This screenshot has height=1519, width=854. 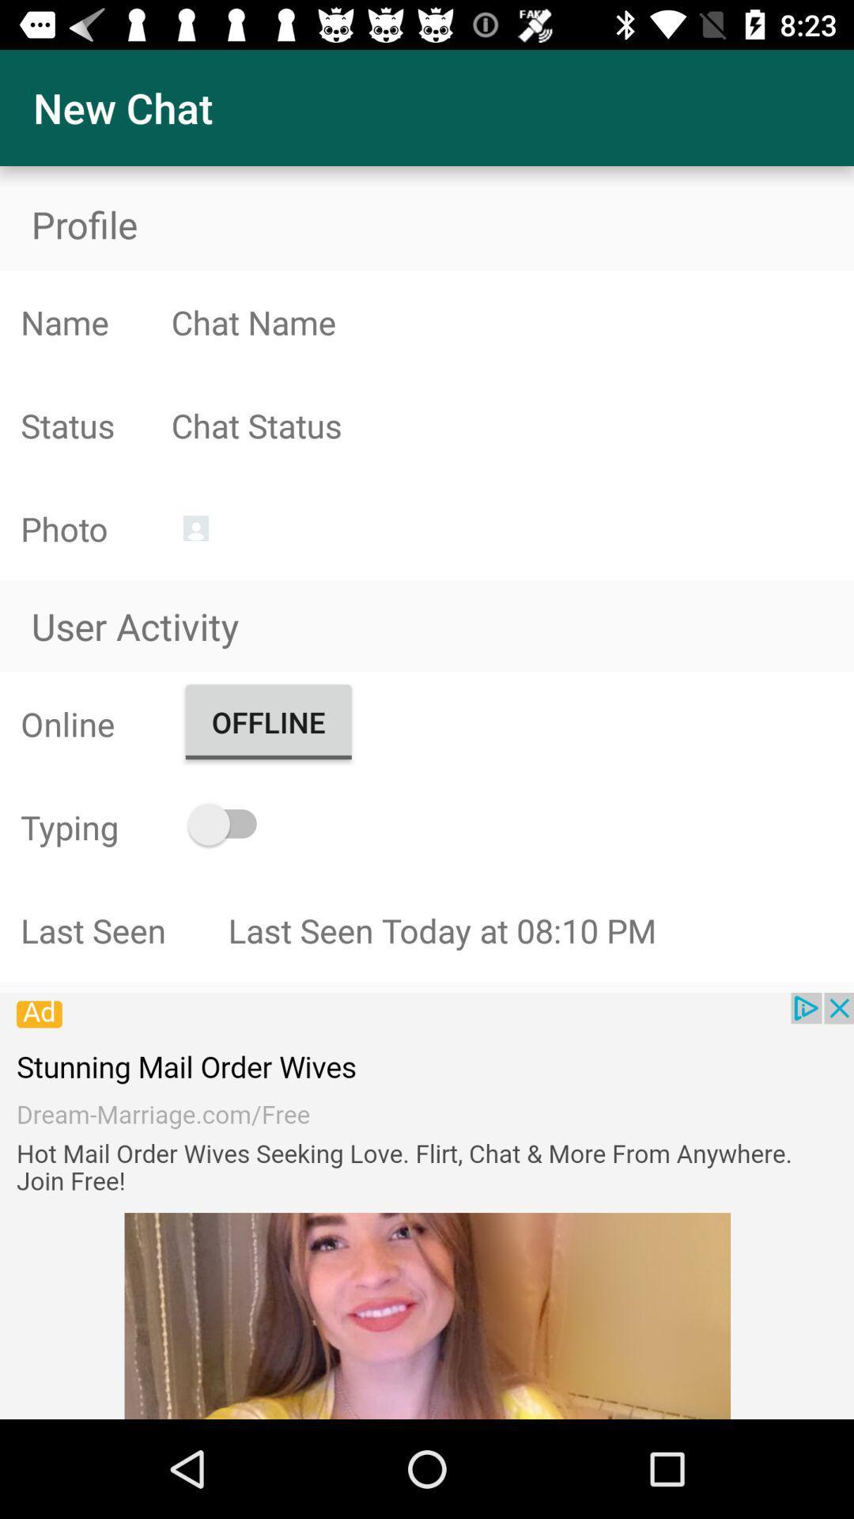 What do you see at coordinates (427, 1205) in the screenshot?
I see `vidoes` at bounding box center [427, 1205].